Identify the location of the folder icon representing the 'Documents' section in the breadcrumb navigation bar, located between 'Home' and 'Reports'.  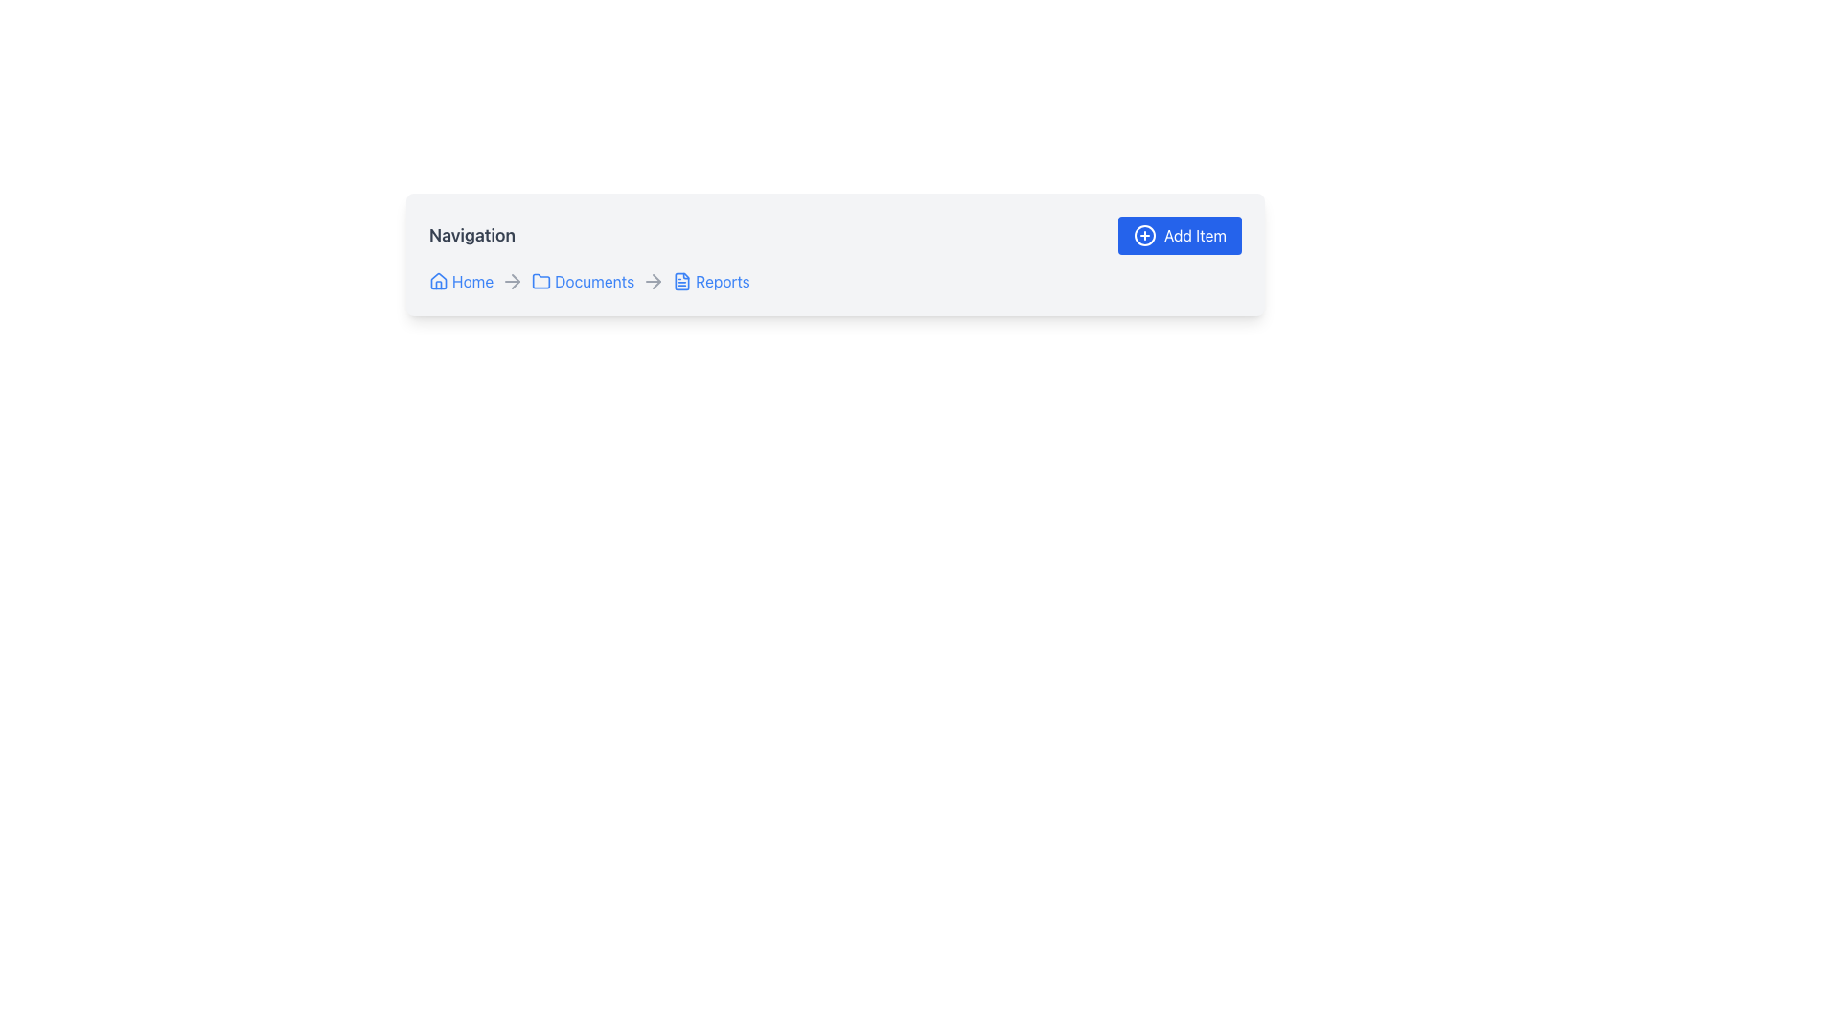
(540, 281).